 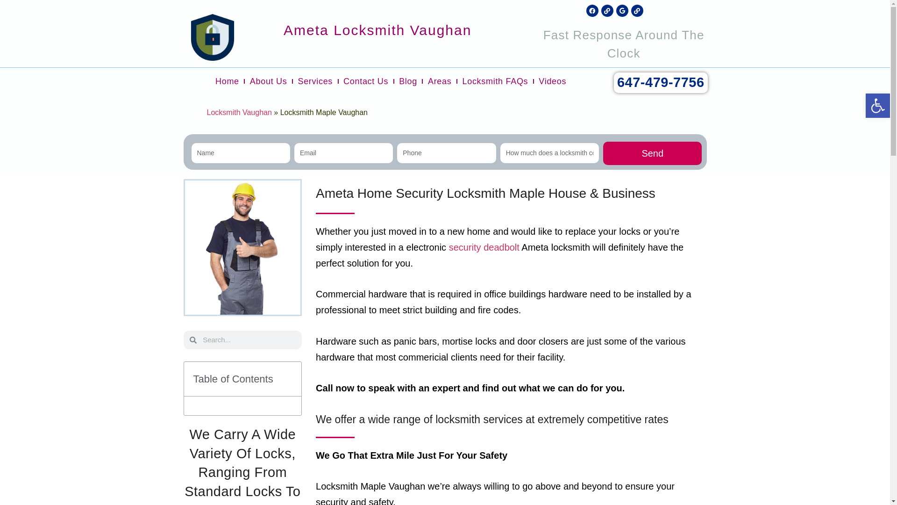 What do you see at coordinates (423, 80) in the screenshot?
I see `'Areas'` at bounding box center [423, 80].